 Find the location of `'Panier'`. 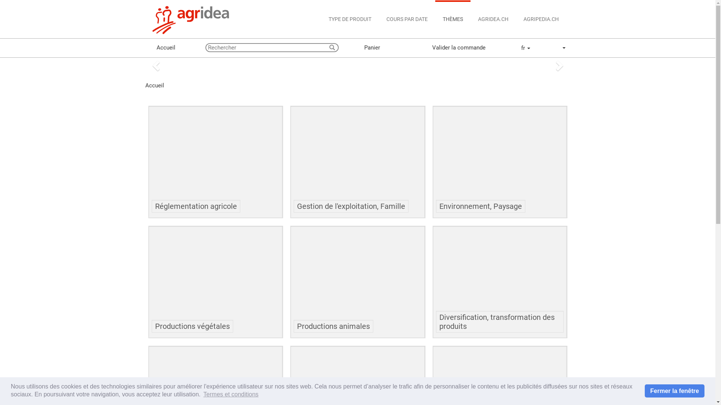

'Panier' is located at coordinates (367, 48).